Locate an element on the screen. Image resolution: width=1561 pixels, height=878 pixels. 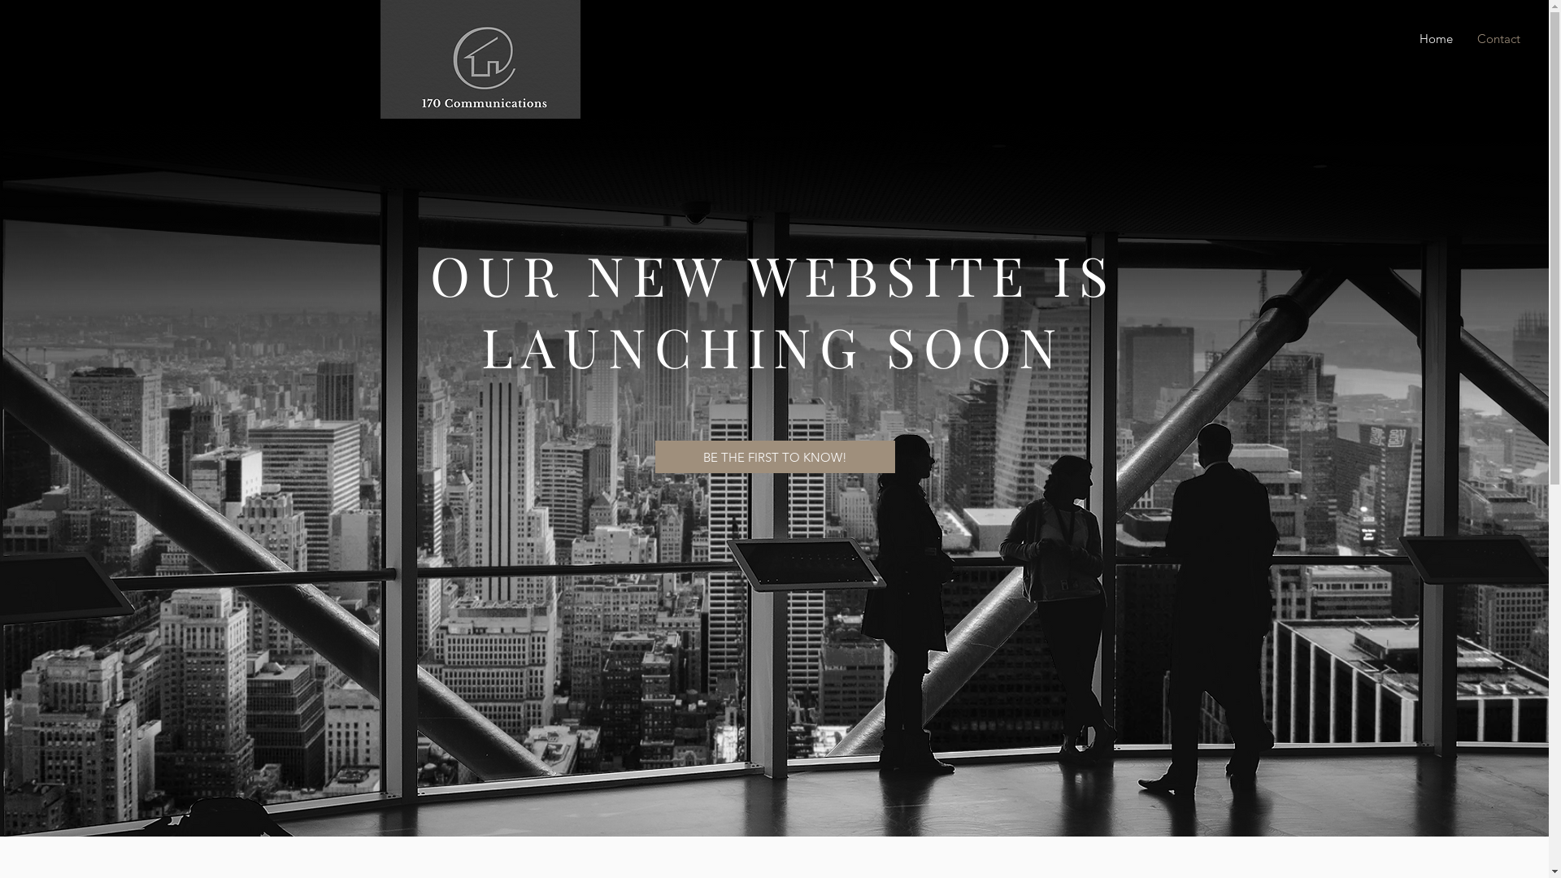
'Home' is located at coordinates (1431, 37).